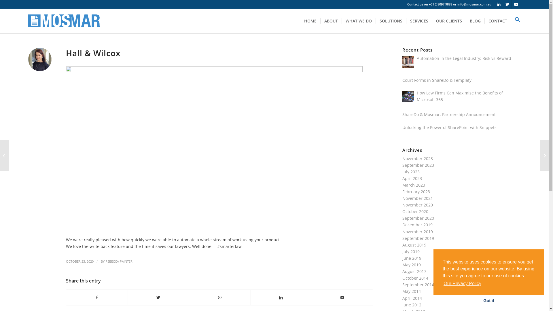 This screenshot has width=553, height=311. I want to click on 'WHAT WE DO', so click(341, 21).